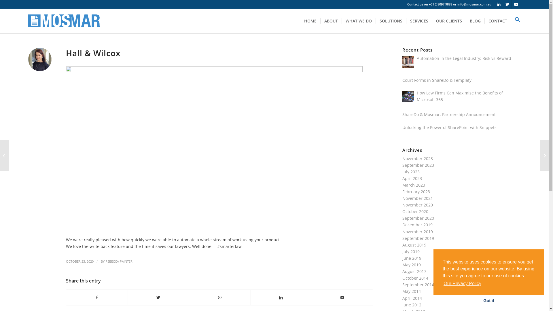 This screenshot has width=553, height=311. I want to click on 'WHAT WE DO', so click(341, 21).